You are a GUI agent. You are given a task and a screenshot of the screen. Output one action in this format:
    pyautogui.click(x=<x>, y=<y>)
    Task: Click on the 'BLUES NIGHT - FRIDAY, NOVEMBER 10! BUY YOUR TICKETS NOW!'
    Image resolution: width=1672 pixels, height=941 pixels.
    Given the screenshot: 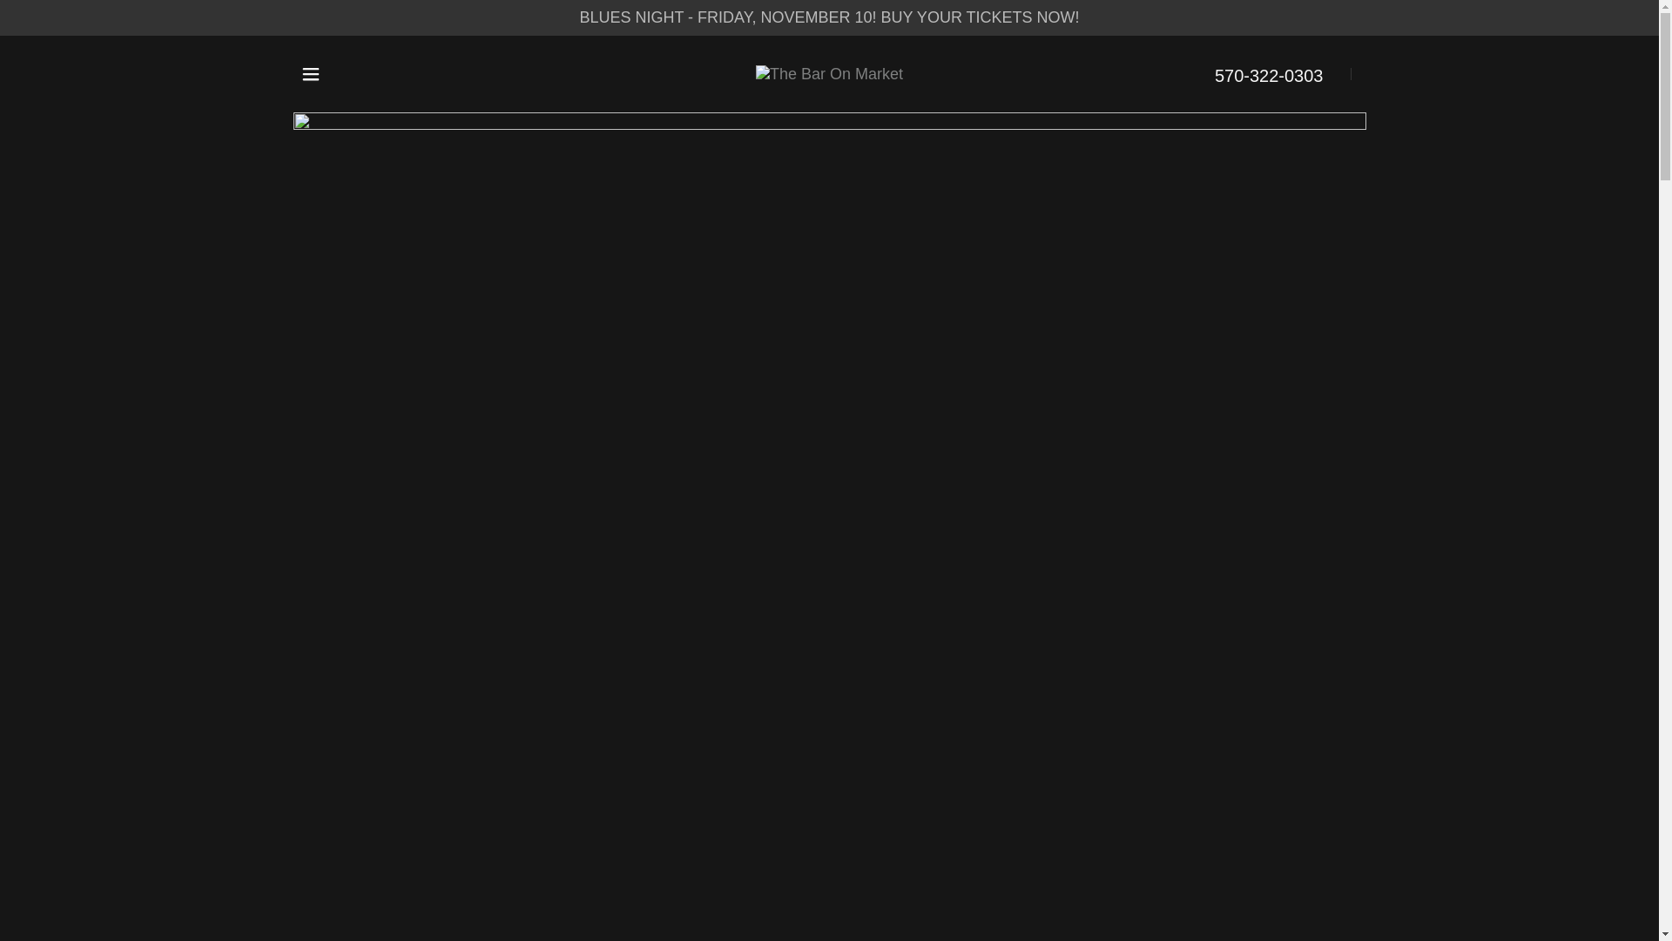 What is the action you would take?
    pyautogui.click(x=828, y=17)
    